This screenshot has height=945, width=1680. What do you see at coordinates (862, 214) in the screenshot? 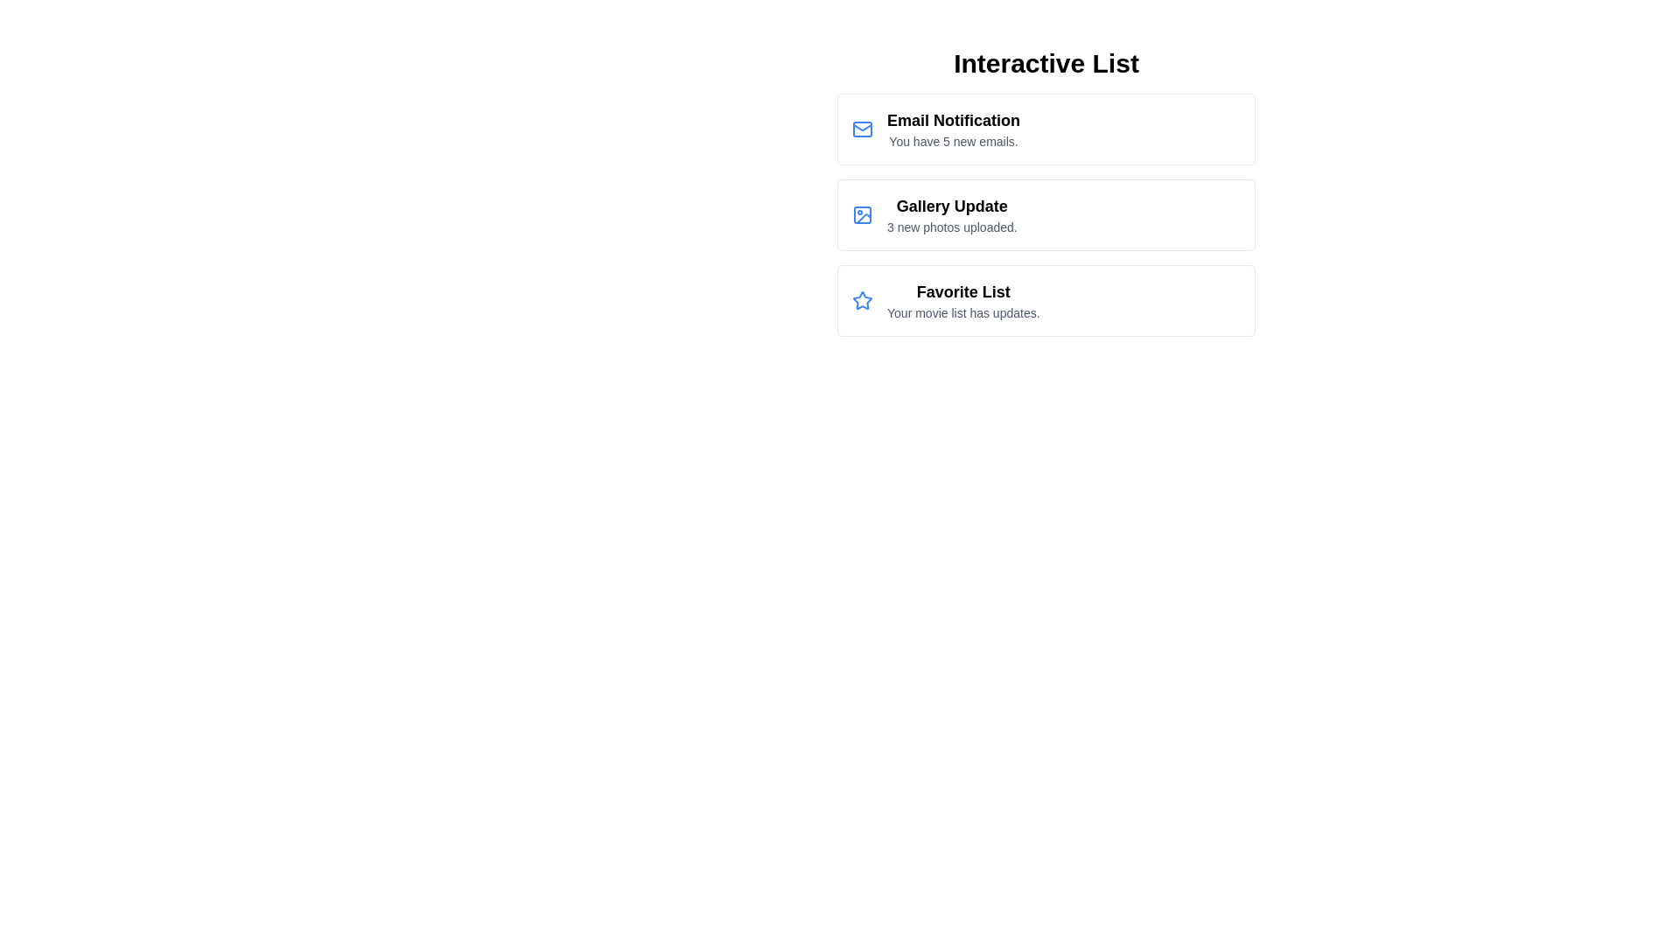
I see `the icon corresponding to Gallery Update in the list` at bounding box center [862, 214].